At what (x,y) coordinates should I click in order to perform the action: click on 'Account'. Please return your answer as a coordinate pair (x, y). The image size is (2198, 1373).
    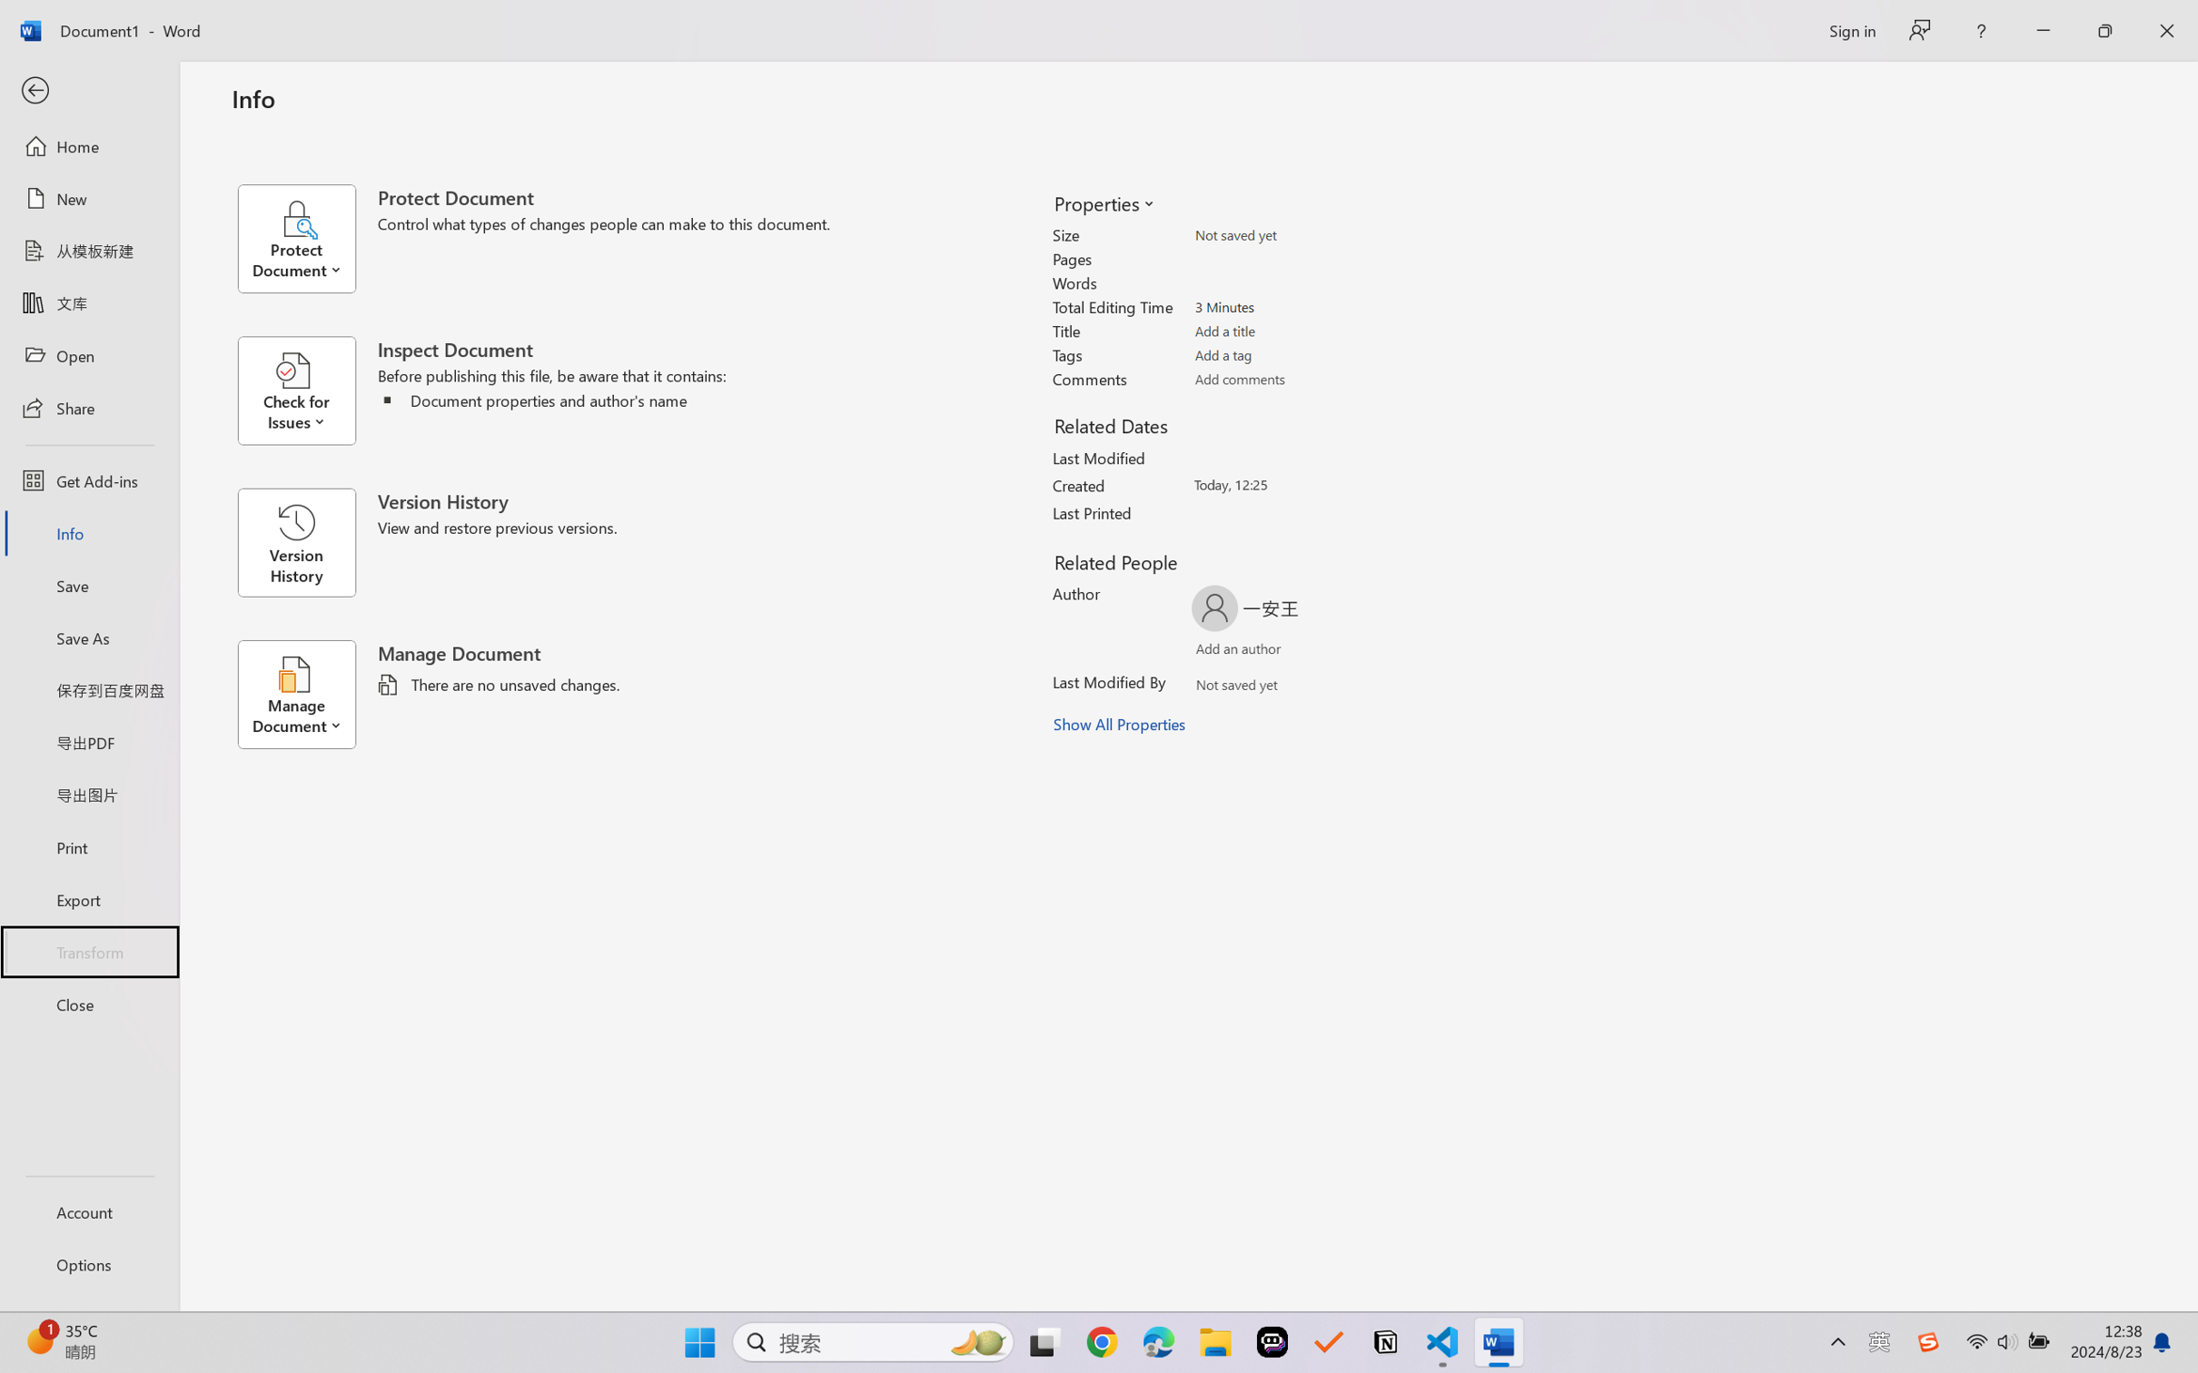
    Looking at the image, I should click on (88, 1211).